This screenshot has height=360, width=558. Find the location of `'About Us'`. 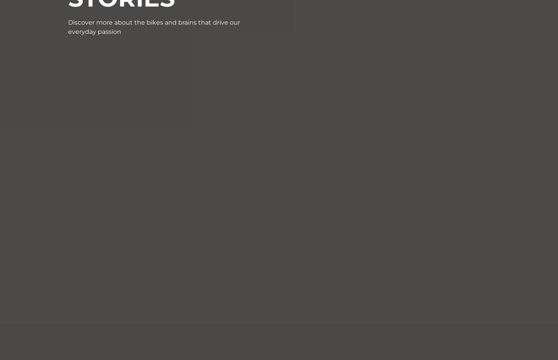

'About Us' is located at coordinates (212, 226).